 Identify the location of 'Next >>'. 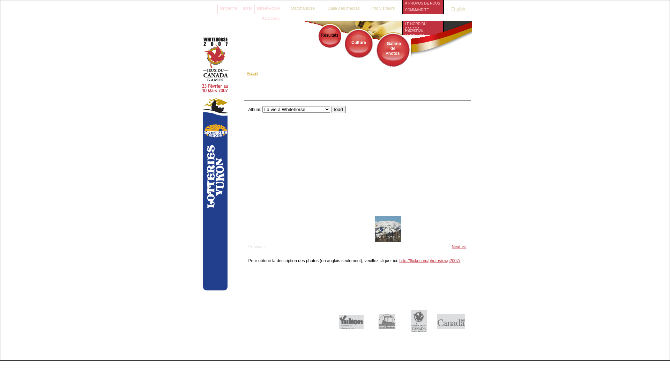
(459, 246).